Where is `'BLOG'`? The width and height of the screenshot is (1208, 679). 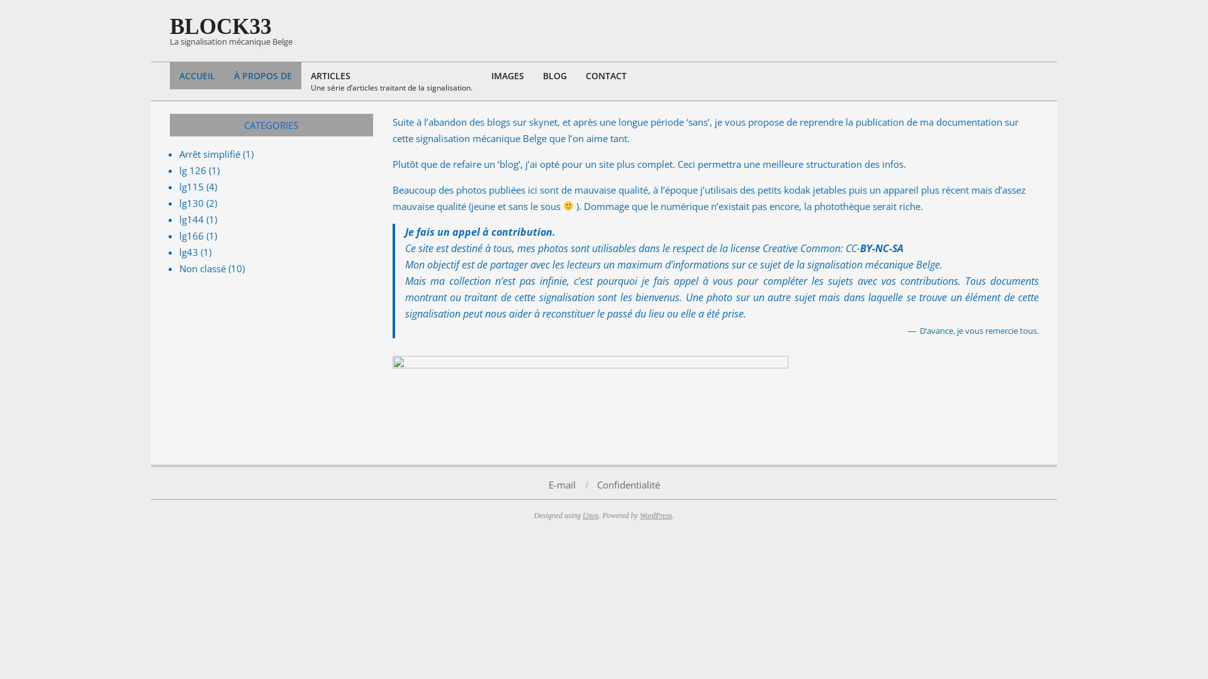 'BLOG' is located at coordinates (554, 75).